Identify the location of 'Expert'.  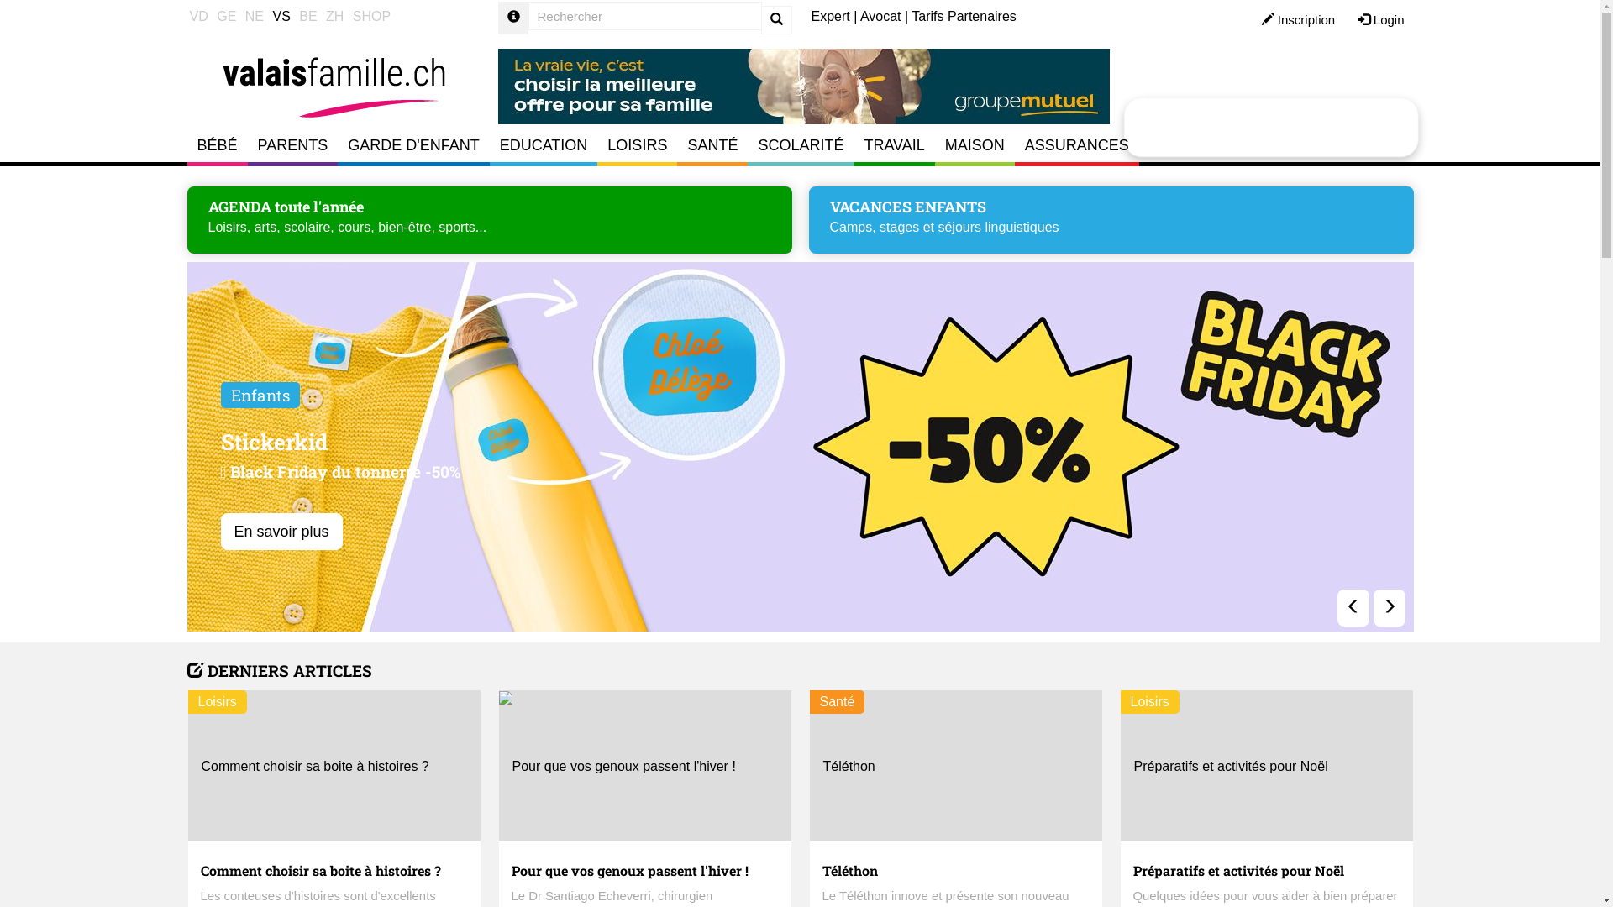
(830, 16).